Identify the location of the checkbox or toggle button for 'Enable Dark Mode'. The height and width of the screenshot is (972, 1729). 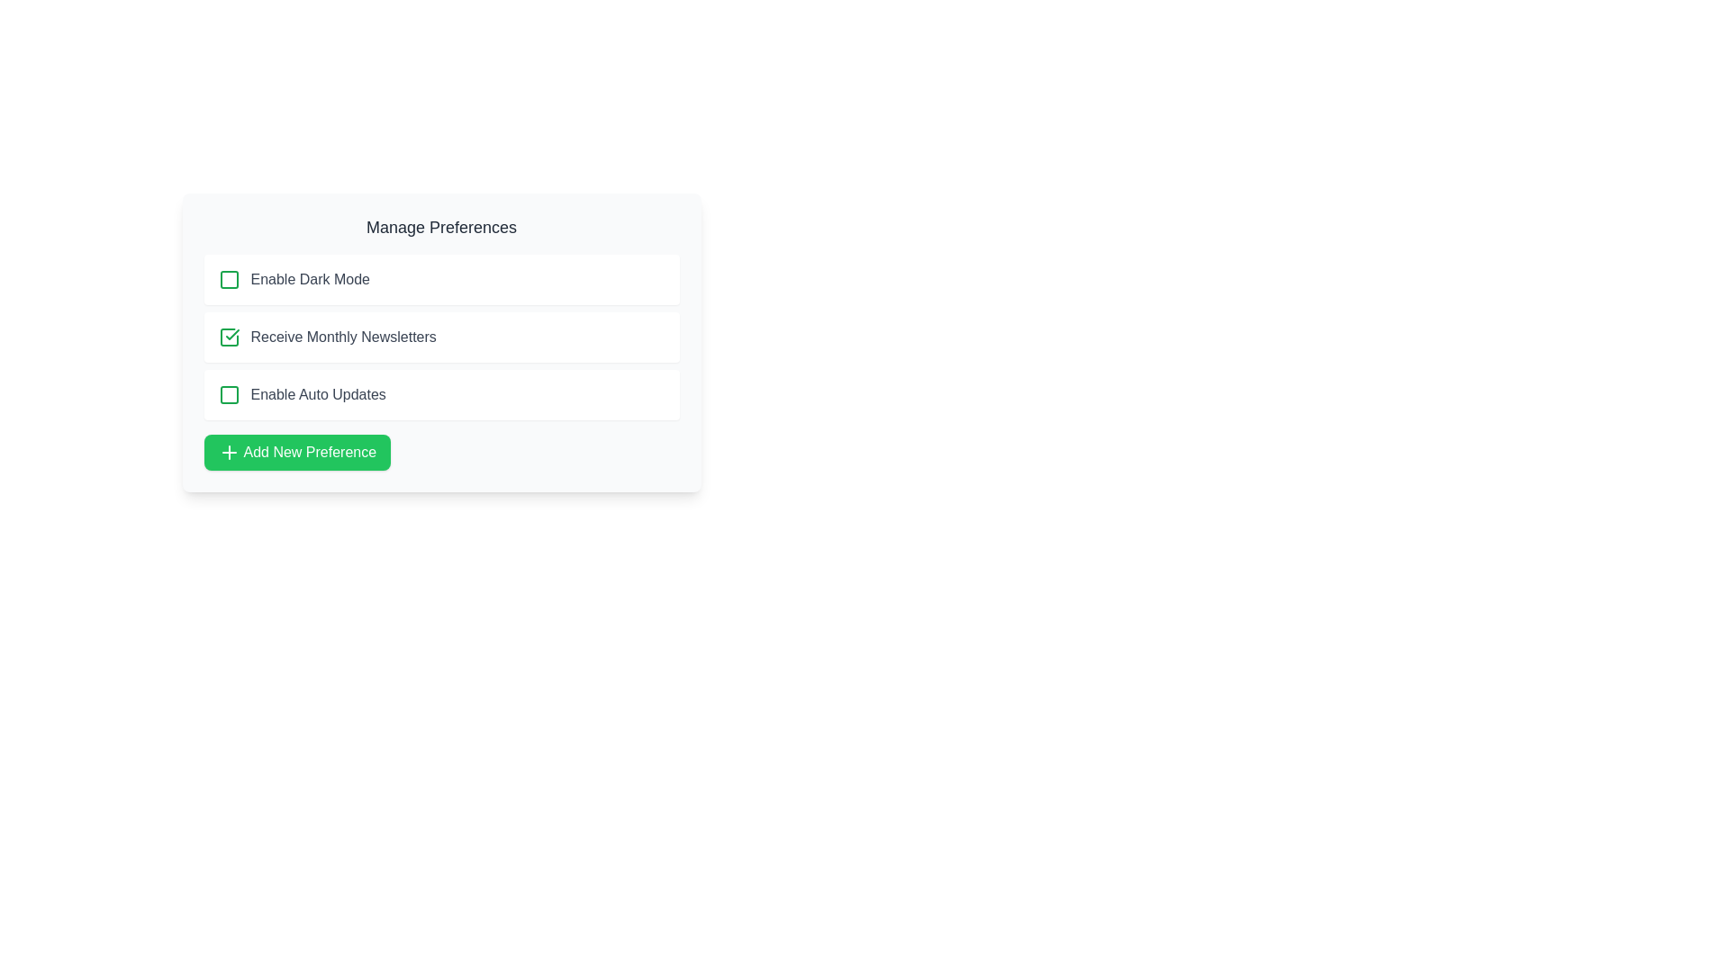
(228, 280).